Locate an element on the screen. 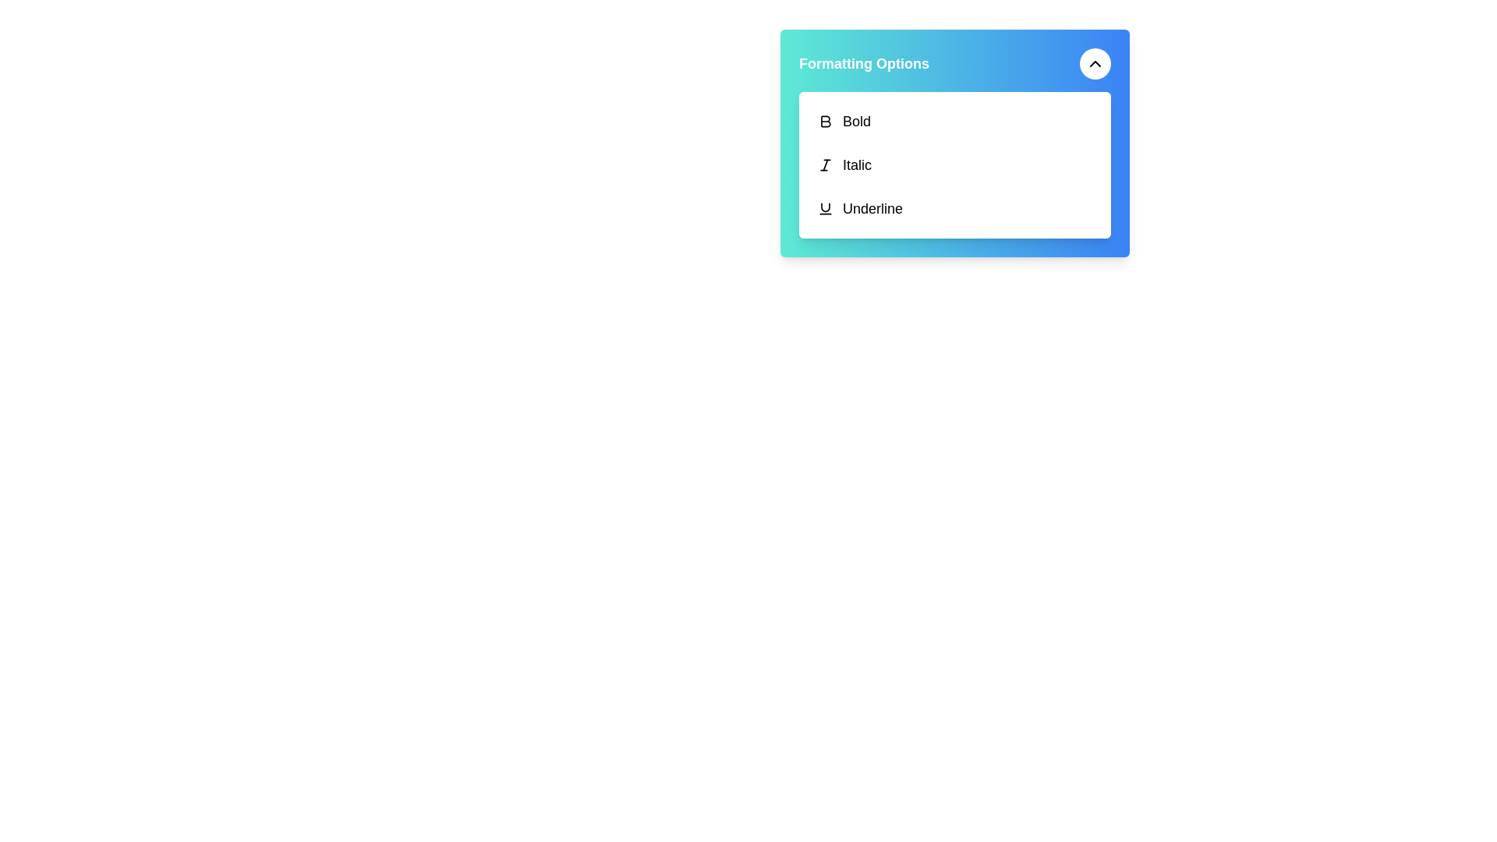  the 'Bold' button located at the top of the formatting options dropdown menu is located at coordinates (954, 120).